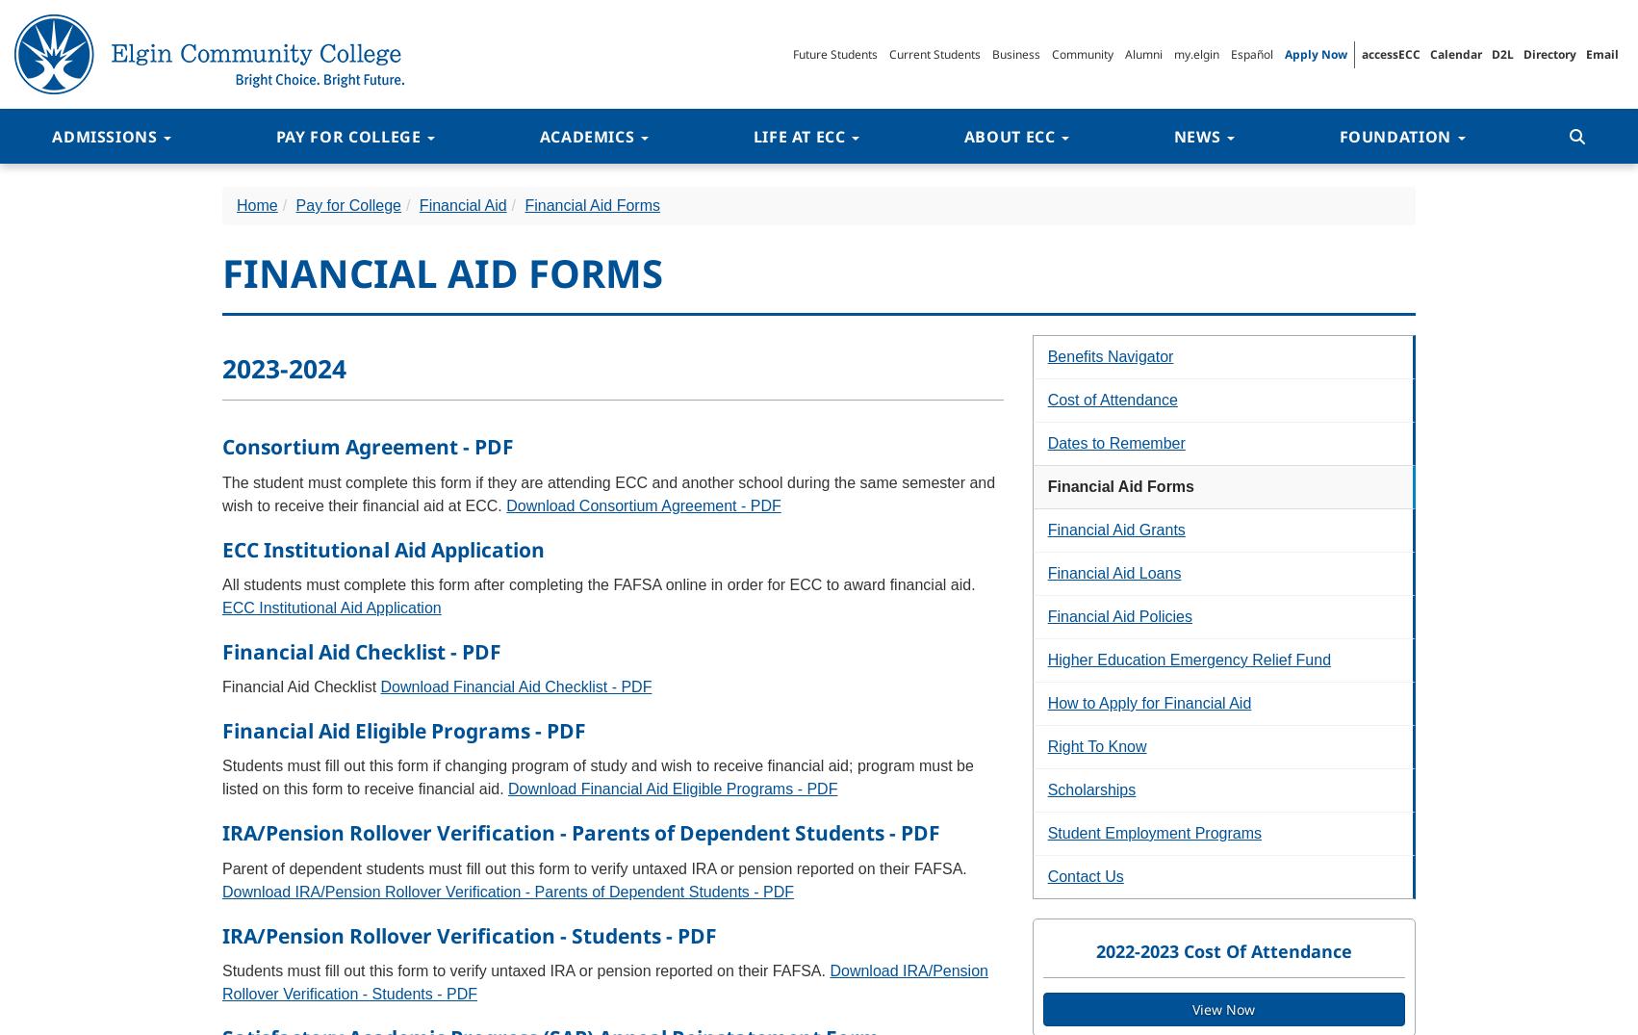 This screenshot has height=1035, width=1638. I want to click on '2023-2024', so click(284, 369).